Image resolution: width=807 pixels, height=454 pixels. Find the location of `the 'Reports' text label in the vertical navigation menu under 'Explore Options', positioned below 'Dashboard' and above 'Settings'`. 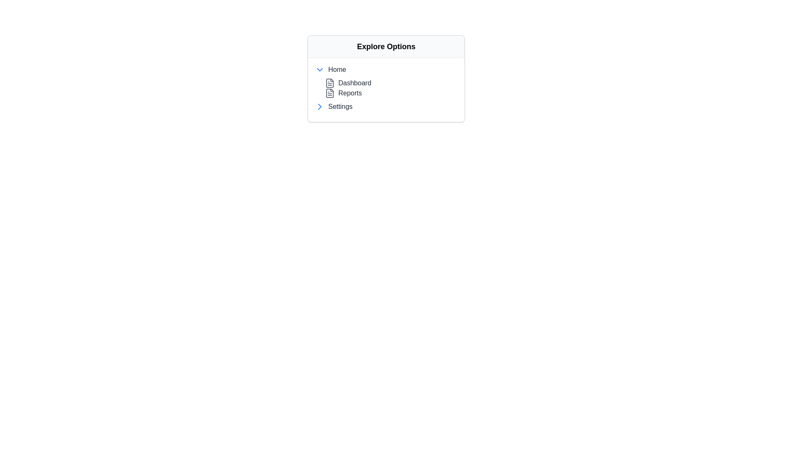

the 'Reports' text label in the vertical navigation menu under 'Explore Options', positioned below 'Dashboard' and above 'Settings' is located at coordinates (350, 93).